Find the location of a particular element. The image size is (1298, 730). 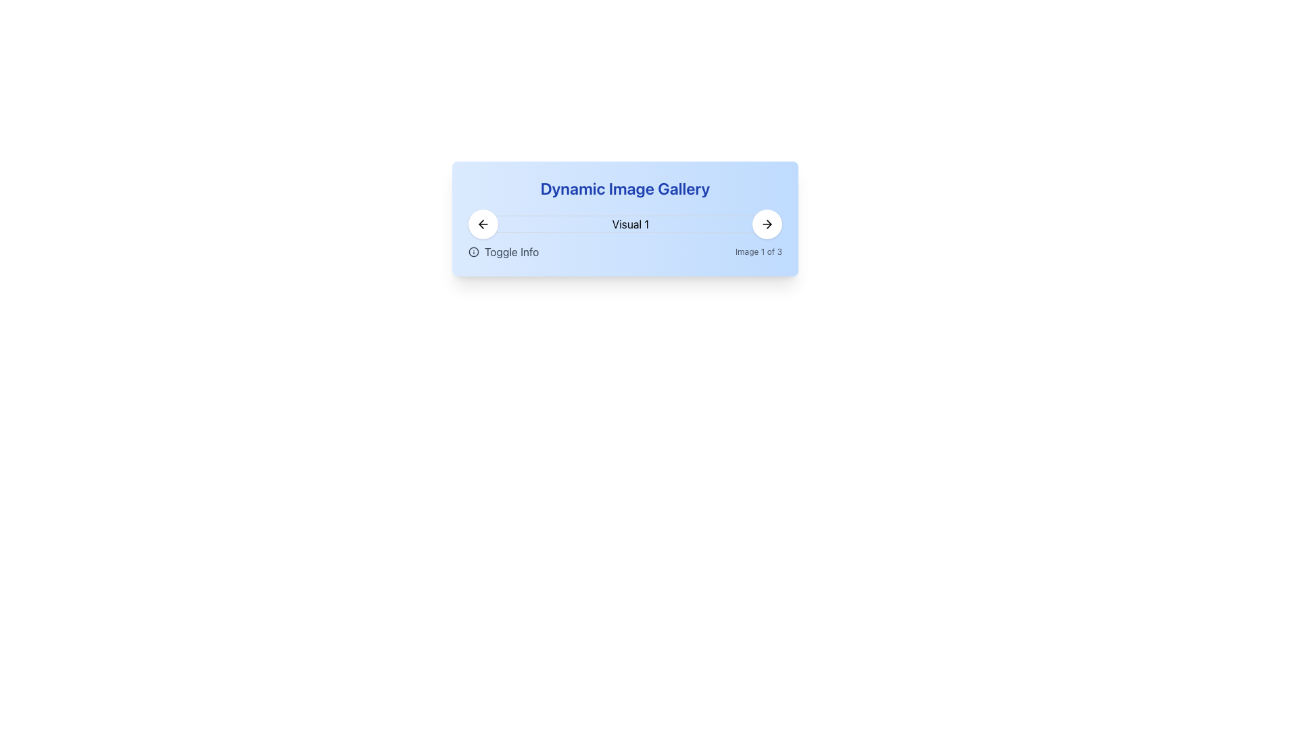

the info icon by clicking on its central circular component located at the top left corner of the Toggle Info label is located at coordinates (473, 252).